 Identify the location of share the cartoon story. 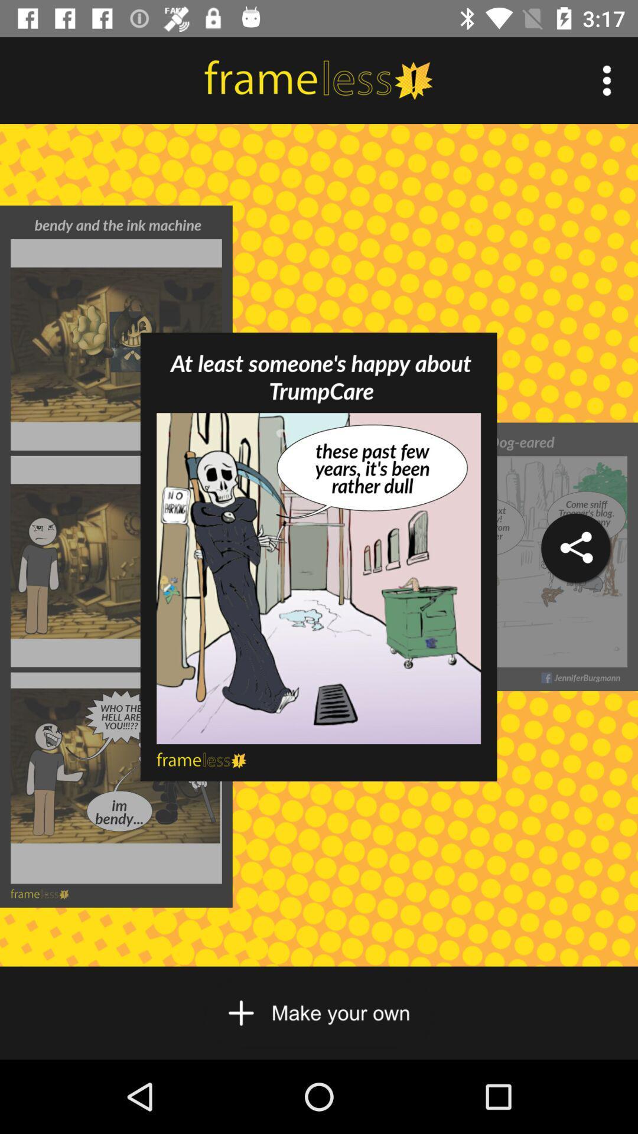
(575, 548).